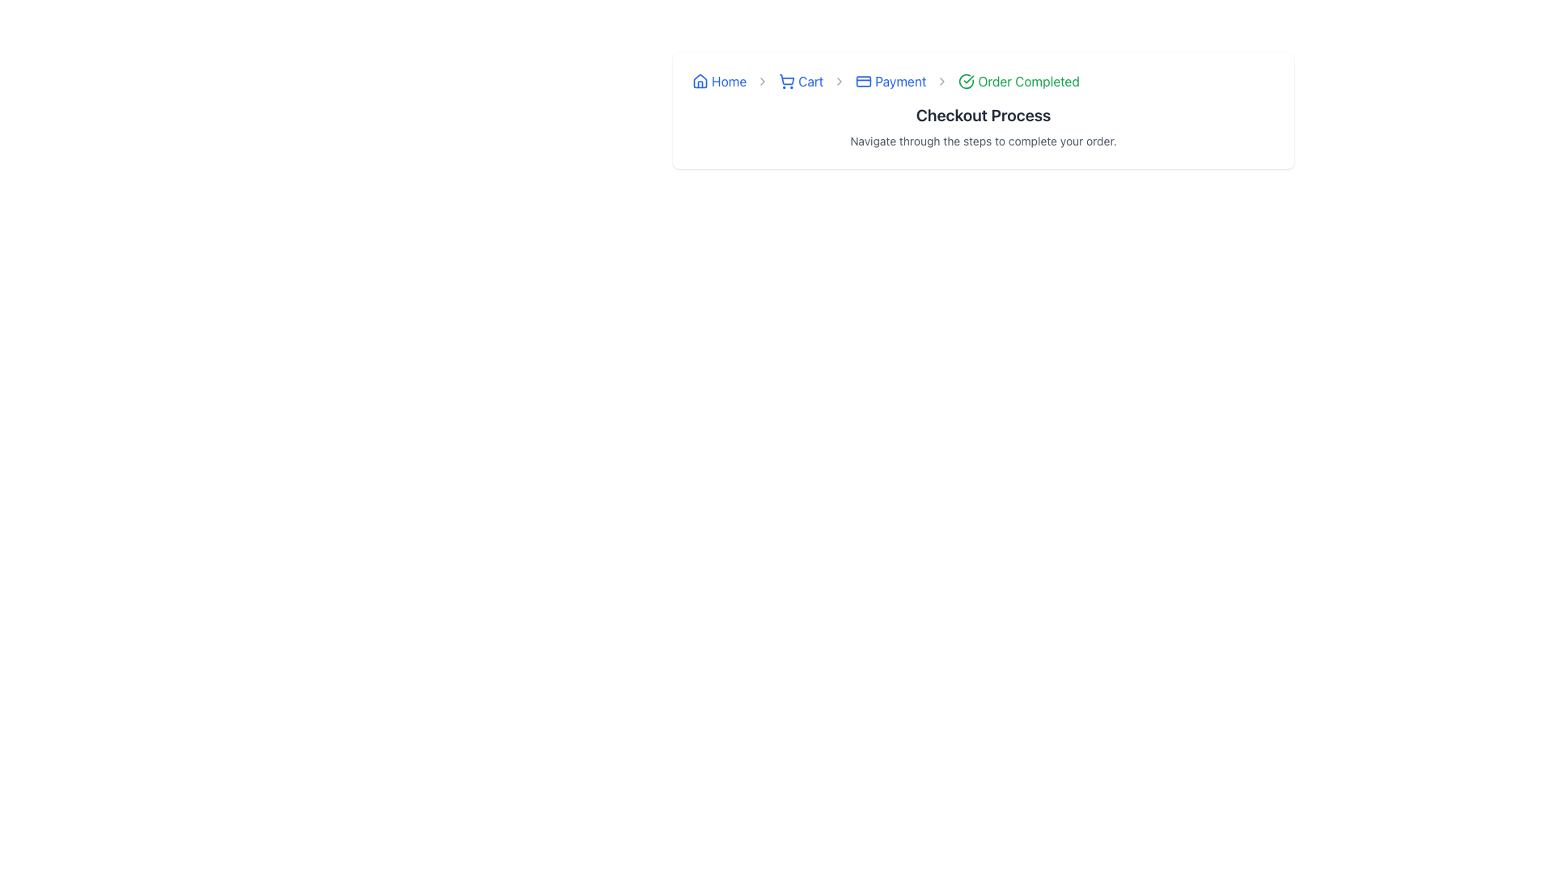  What do you see at coordinates (863, 81) in the screenshot?
I see `the credit card icon located next to the 'Payment' text in the breadcrumb navigation bar` at bounding box center [863, 81].